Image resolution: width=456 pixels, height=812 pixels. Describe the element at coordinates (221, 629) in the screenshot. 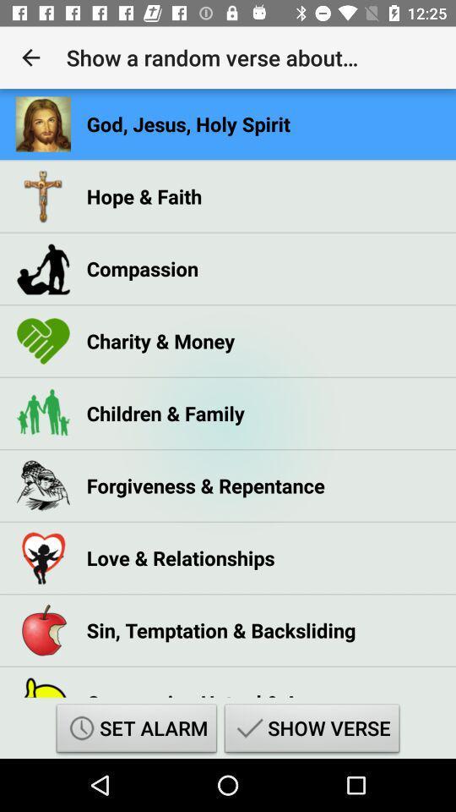

I see `the sin, temptation & backsliding icon` at that location.